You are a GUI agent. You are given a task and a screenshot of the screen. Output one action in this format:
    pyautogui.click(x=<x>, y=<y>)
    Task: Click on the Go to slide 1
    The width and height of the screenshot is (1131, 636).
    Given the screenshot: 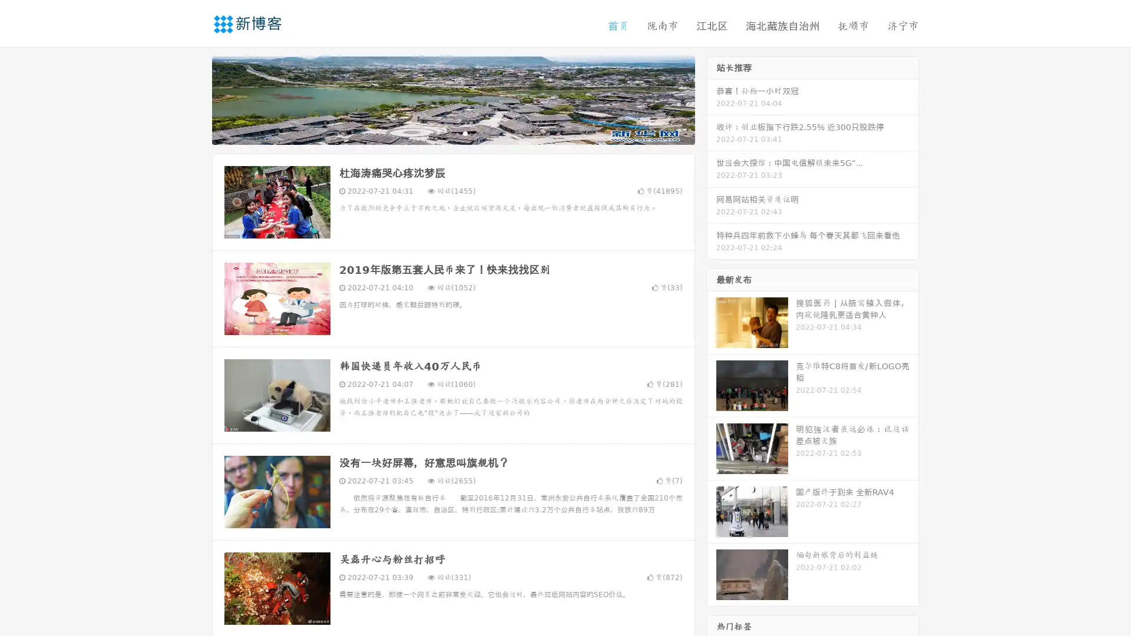 What is the action you would take?
    pyautogui.click(x=441, y=132)
    